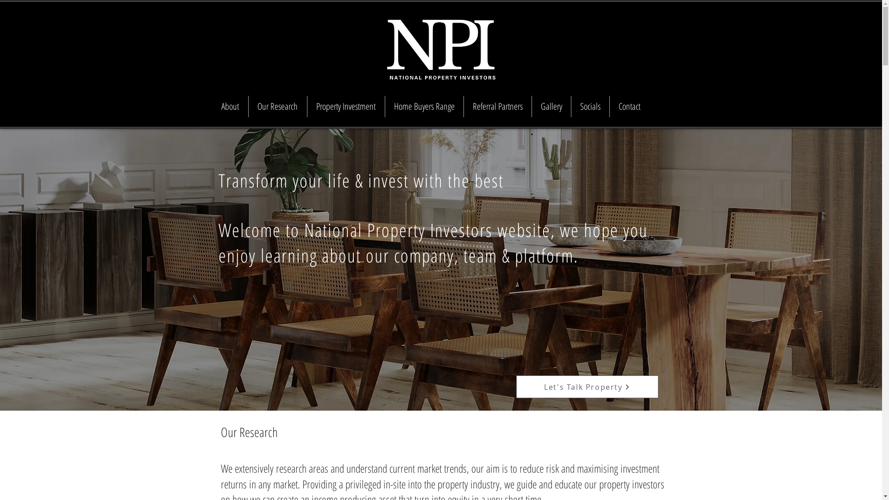 This screenshot has width=889, height=500. I want to click on 'Our Research', so click(277, 106).